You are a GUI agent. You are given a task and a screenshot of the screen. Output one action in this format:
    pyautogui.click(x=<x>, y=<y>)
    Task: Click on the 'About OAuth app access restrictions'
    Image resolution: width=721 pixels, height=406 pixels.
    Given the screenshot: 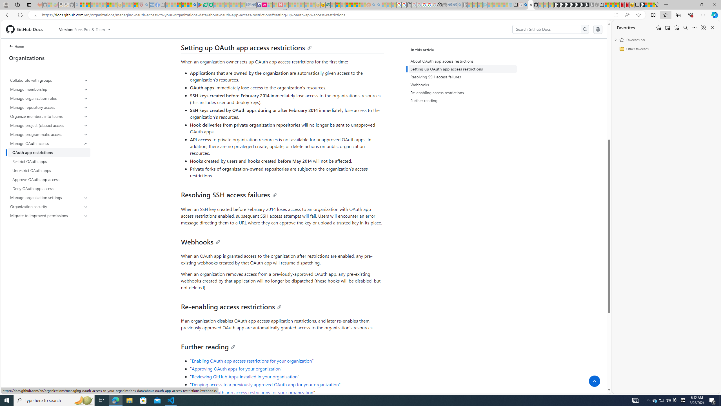 What is the action you would take?
    pyautogui.click(x=464, y=61)
    